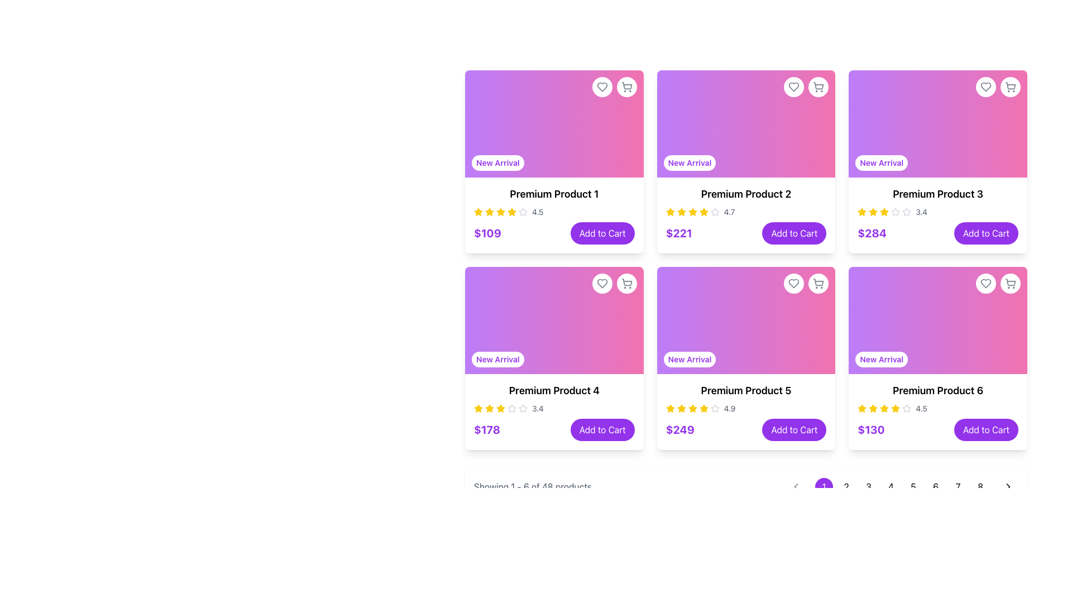 The width and height of the screenshot is (1072, 603). I want to click on the heart icon on the fourth product card in the second row and second column, so click(793, 283).